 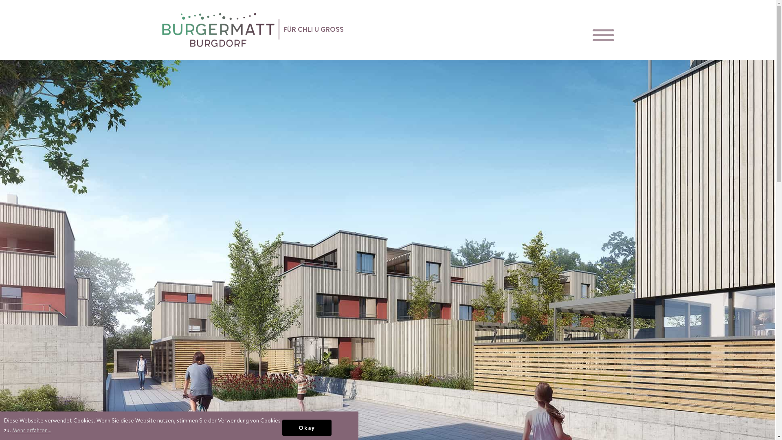 What do you see at coordinates (282, 427) in the screenshot?
I see `'Okay'` at bounding box center [282, 427].